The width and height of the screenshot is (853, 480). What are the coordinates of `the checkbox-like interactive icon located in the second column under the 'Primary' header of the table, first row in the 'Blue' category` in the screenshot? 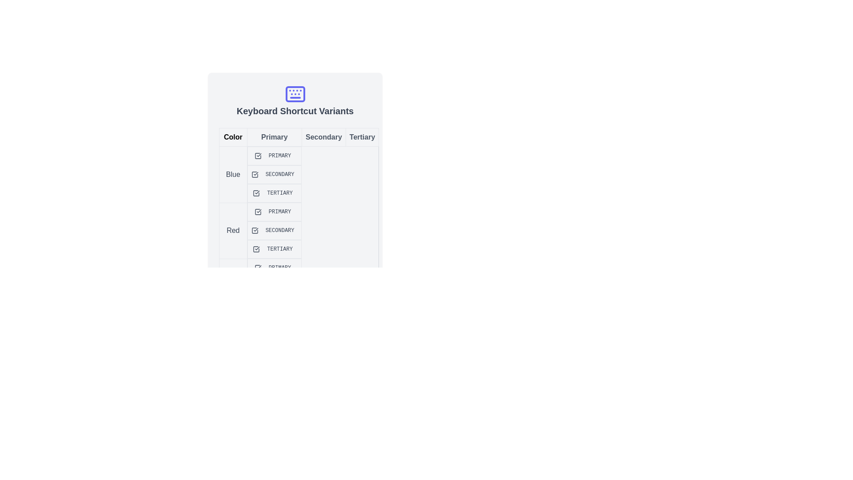 It's located at (257, 156).